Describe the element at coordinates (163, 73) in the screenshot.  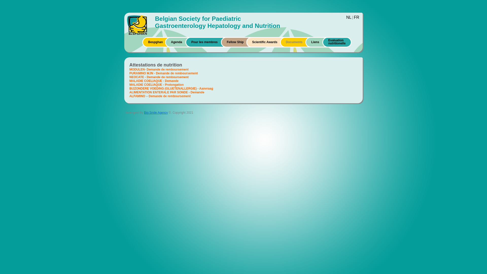
I see `'PURAMINO MJN - Demande de remboursement'` at that location.